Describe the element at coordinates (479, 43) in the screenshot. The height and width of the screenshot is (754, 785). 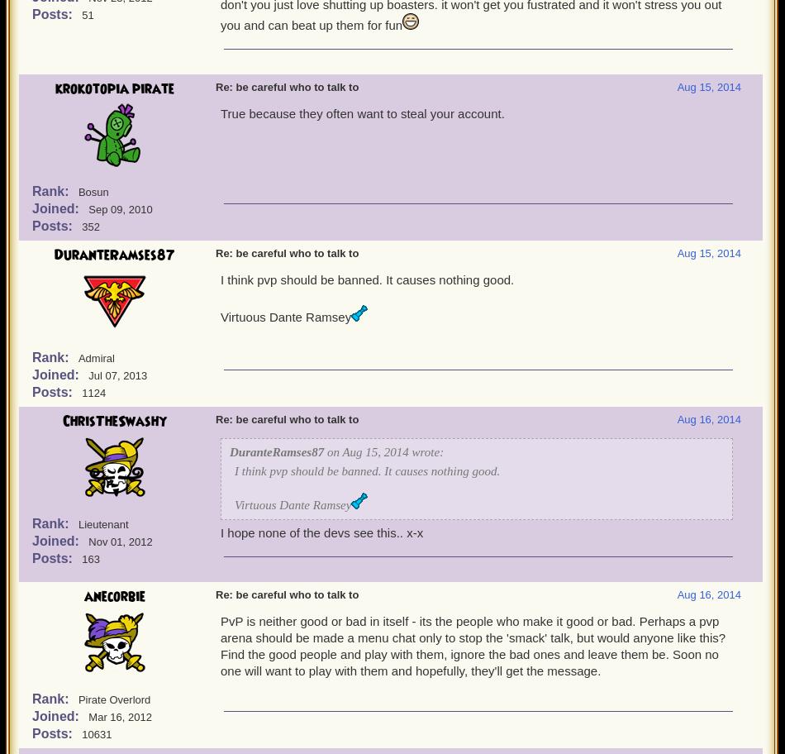
I see `'He put his best armor on! Lets just say it didn't turn out like he planned. I defeated him in less then five rounds without even buffing. Then he actually said, " Ha, I was going easy on you anyway noob. I didn't want you crying at my feet". I then told him to check my level. He stopped talking and left! Next time look before you challenge someone!'` at that location.